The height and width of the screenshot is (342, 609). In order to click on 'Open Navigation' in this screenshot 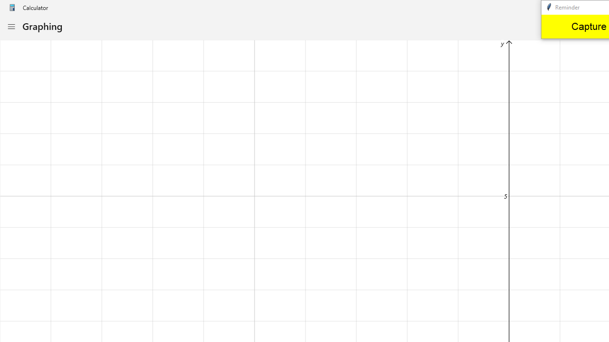, I will do `click(11, 26)`.